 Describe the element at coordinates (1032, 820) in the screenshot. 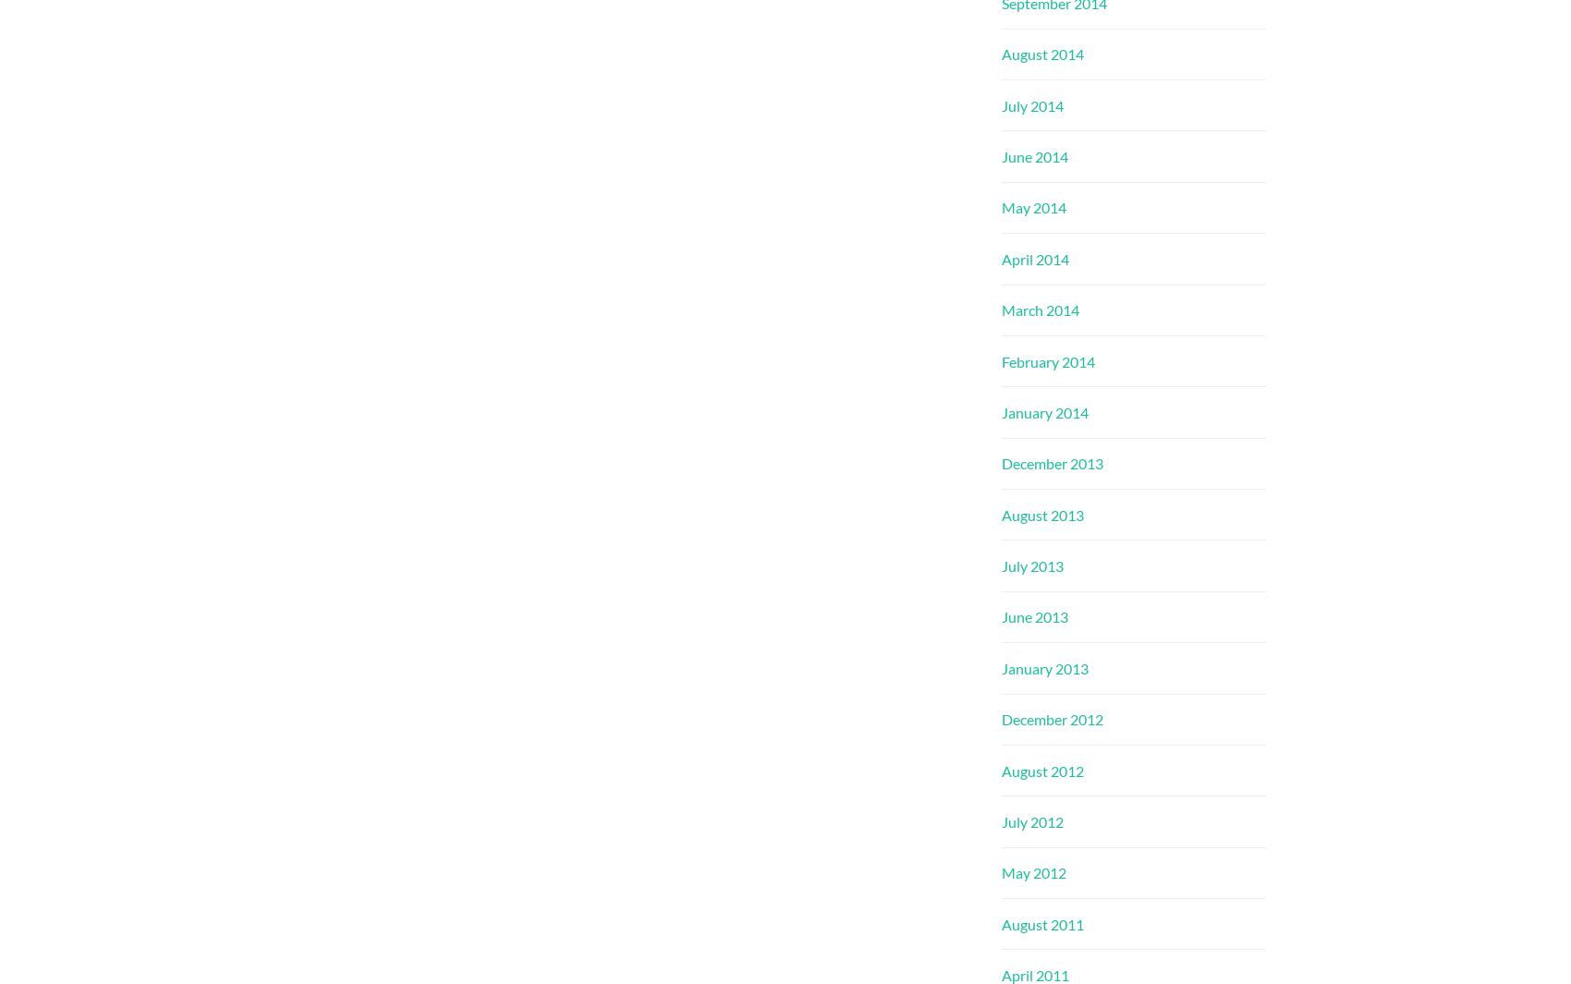

I see `'July 2012'` at that location.